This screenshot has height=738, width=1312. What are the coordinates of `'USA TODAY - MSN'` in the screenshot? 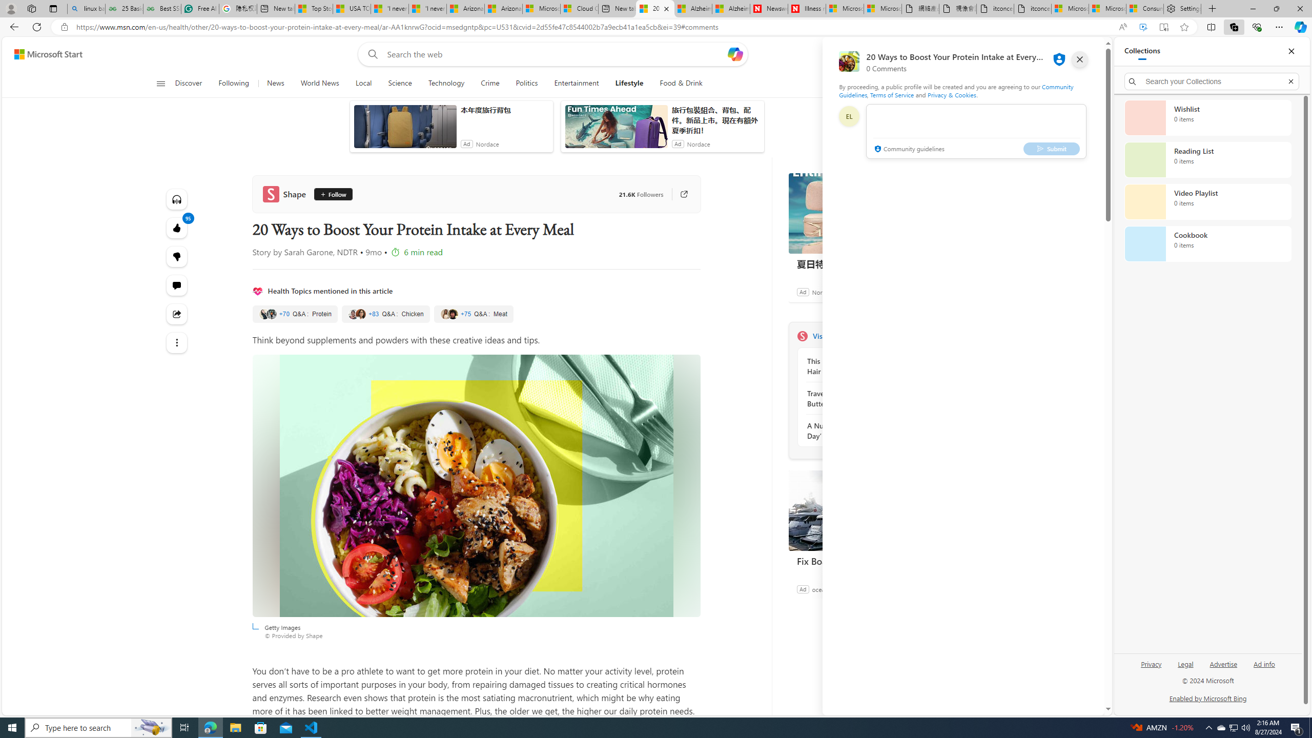 It's located at (351, 8).